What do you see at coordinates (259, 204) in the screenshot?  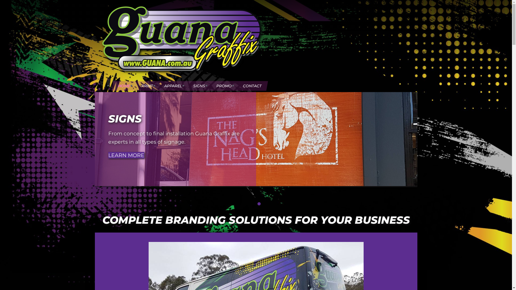 I see `'3'` at bounding box center [259, 204].